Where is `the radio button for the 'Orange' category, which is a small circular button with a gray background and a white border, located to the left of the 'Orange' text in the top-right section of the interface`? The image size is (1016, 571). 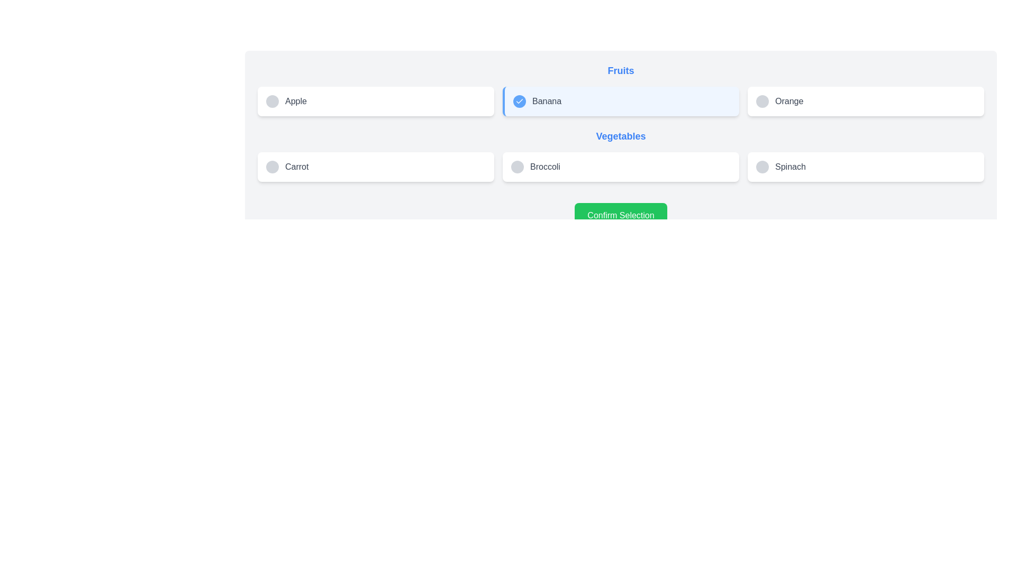
the radio button for the 'Orange' category, which is a small circular button with a gray background and a white border, located to the left of the 'Orange' text in the top-right section of the interface is located at coordinates (762, 102).